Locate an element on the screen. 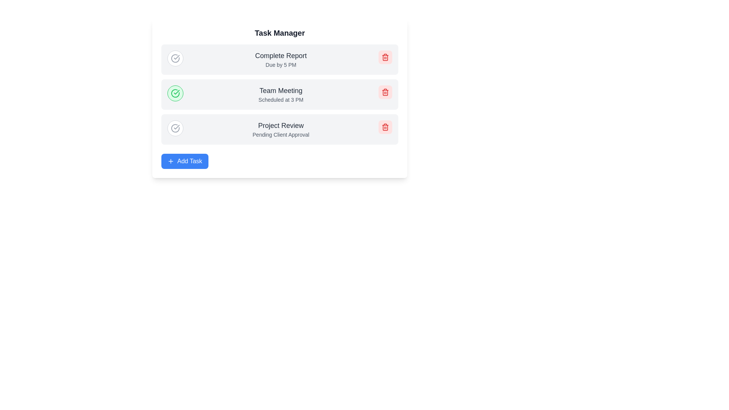  the 'Complete Report' label in the task list under 'Task Manager', which displays the due date 'Due by 5 PM' is located at coordinates (280, 59).